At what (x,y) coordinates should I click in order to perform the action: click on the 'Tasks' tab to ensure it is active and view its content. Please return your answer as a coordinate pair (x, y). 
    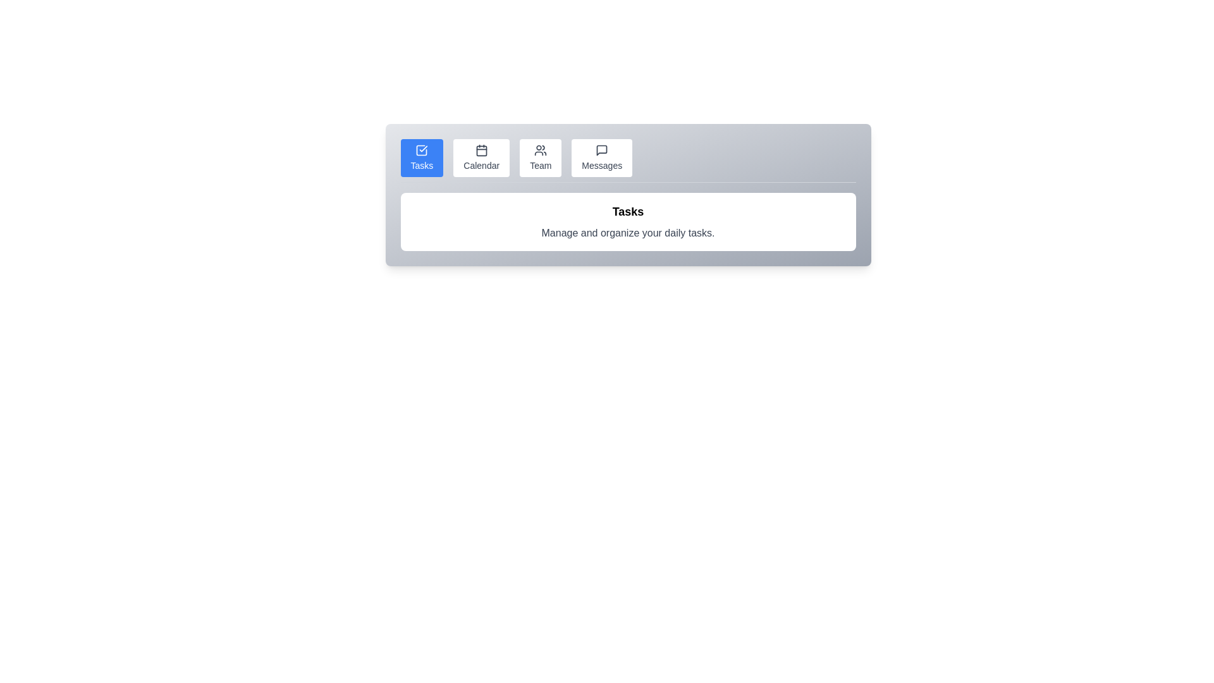
    Looking at the image, I should click on (422, 157).